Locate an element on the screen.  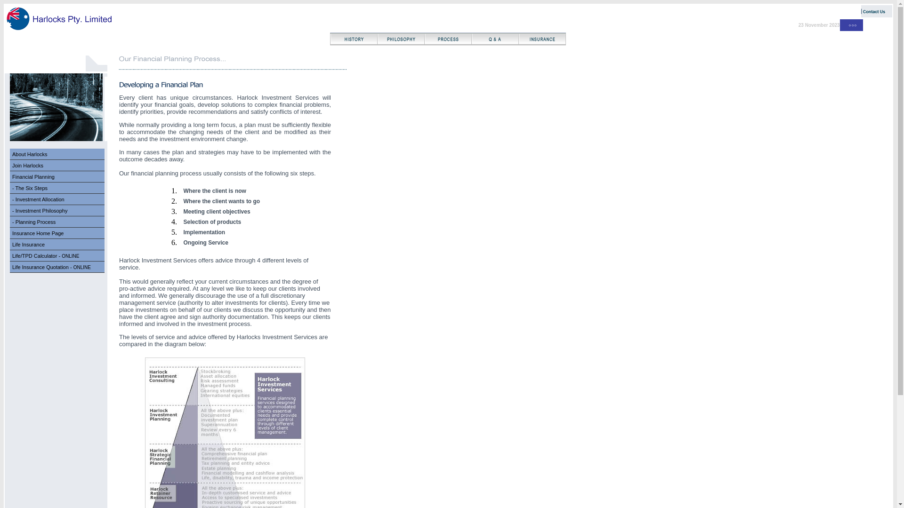
'- Planning Process' is located at coordinates (34, 222).